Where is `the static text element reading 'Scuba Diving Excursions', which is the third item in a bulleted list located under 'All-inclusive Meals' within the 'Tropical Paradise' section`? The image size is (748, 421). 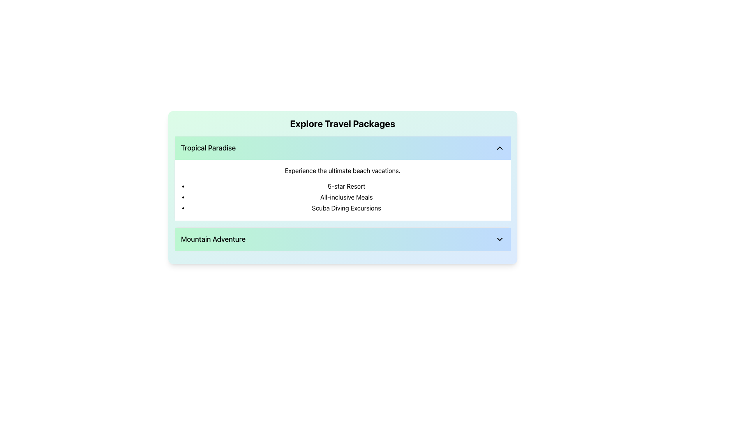 the static text element reading 'Scuba Diving Excursions', which is the third item in a bulleted list located under 'All-inclusive Meals' within the 'Tropical Paradise' section is located at coordinates (346, 207).